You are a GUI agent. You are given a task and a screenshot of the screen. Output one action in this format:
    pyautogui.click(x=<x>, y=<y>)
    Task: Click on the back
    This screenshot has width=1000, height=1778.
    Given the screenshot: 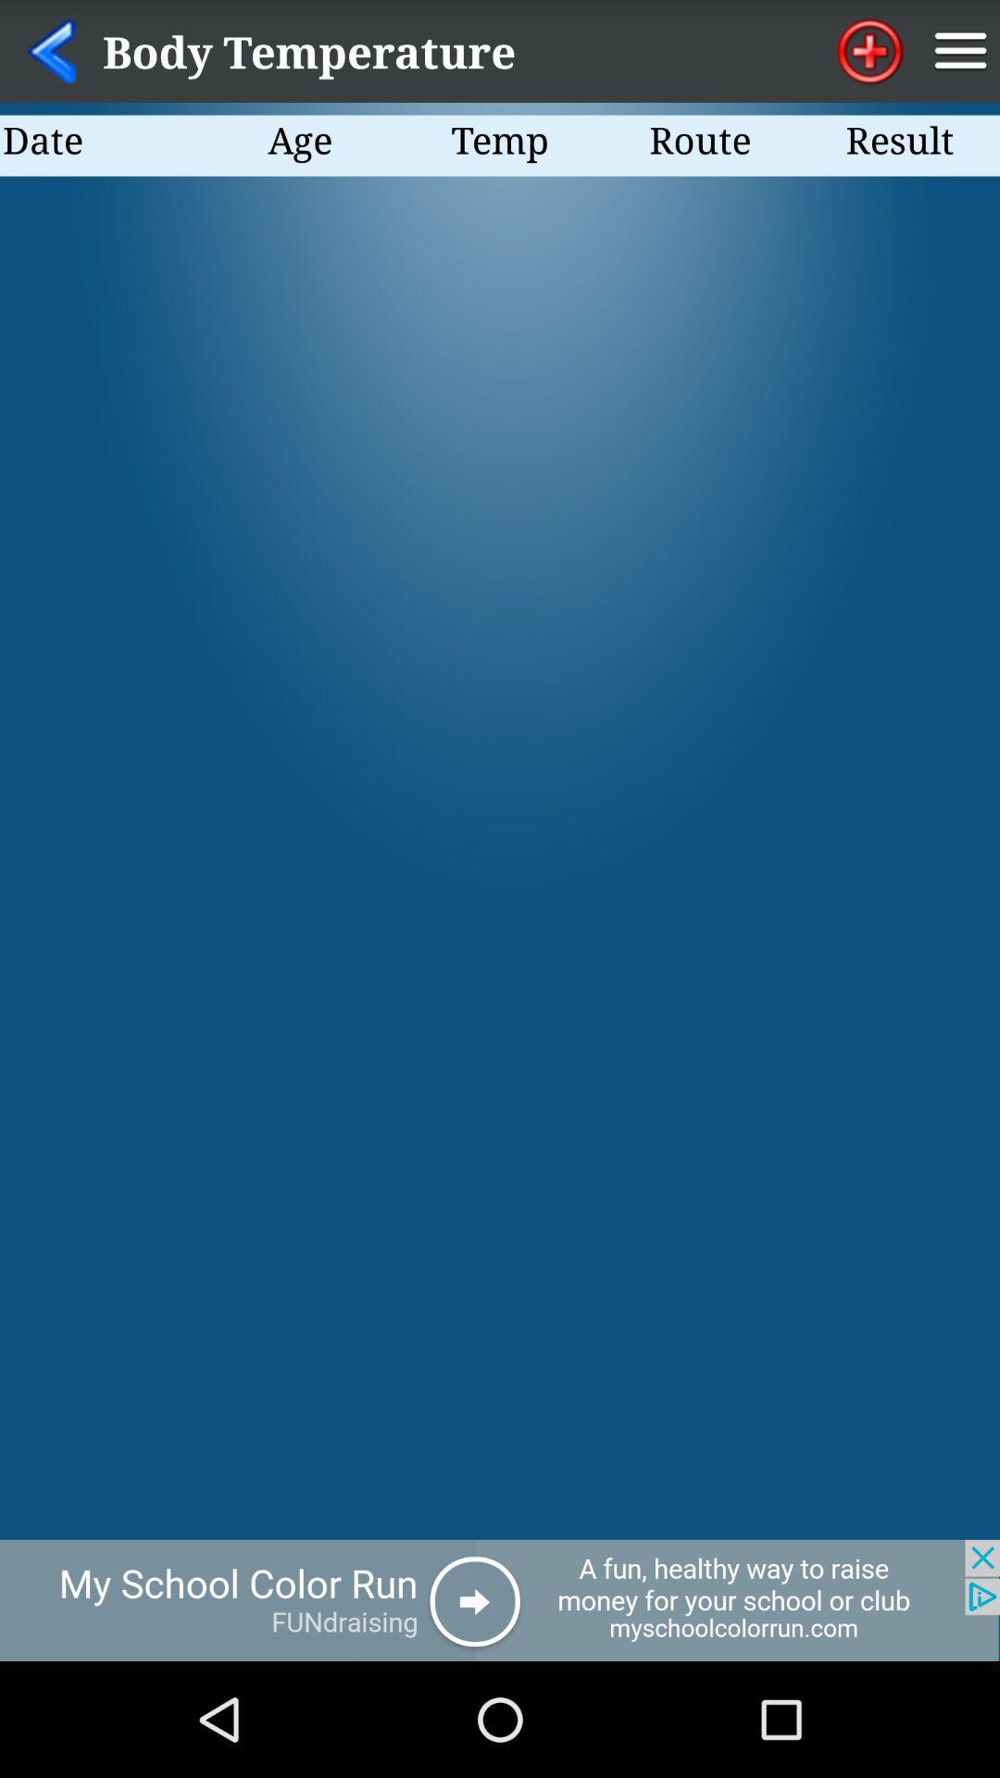 What is the action you would take?
    pyautogui.click(x=50, y=51)
    